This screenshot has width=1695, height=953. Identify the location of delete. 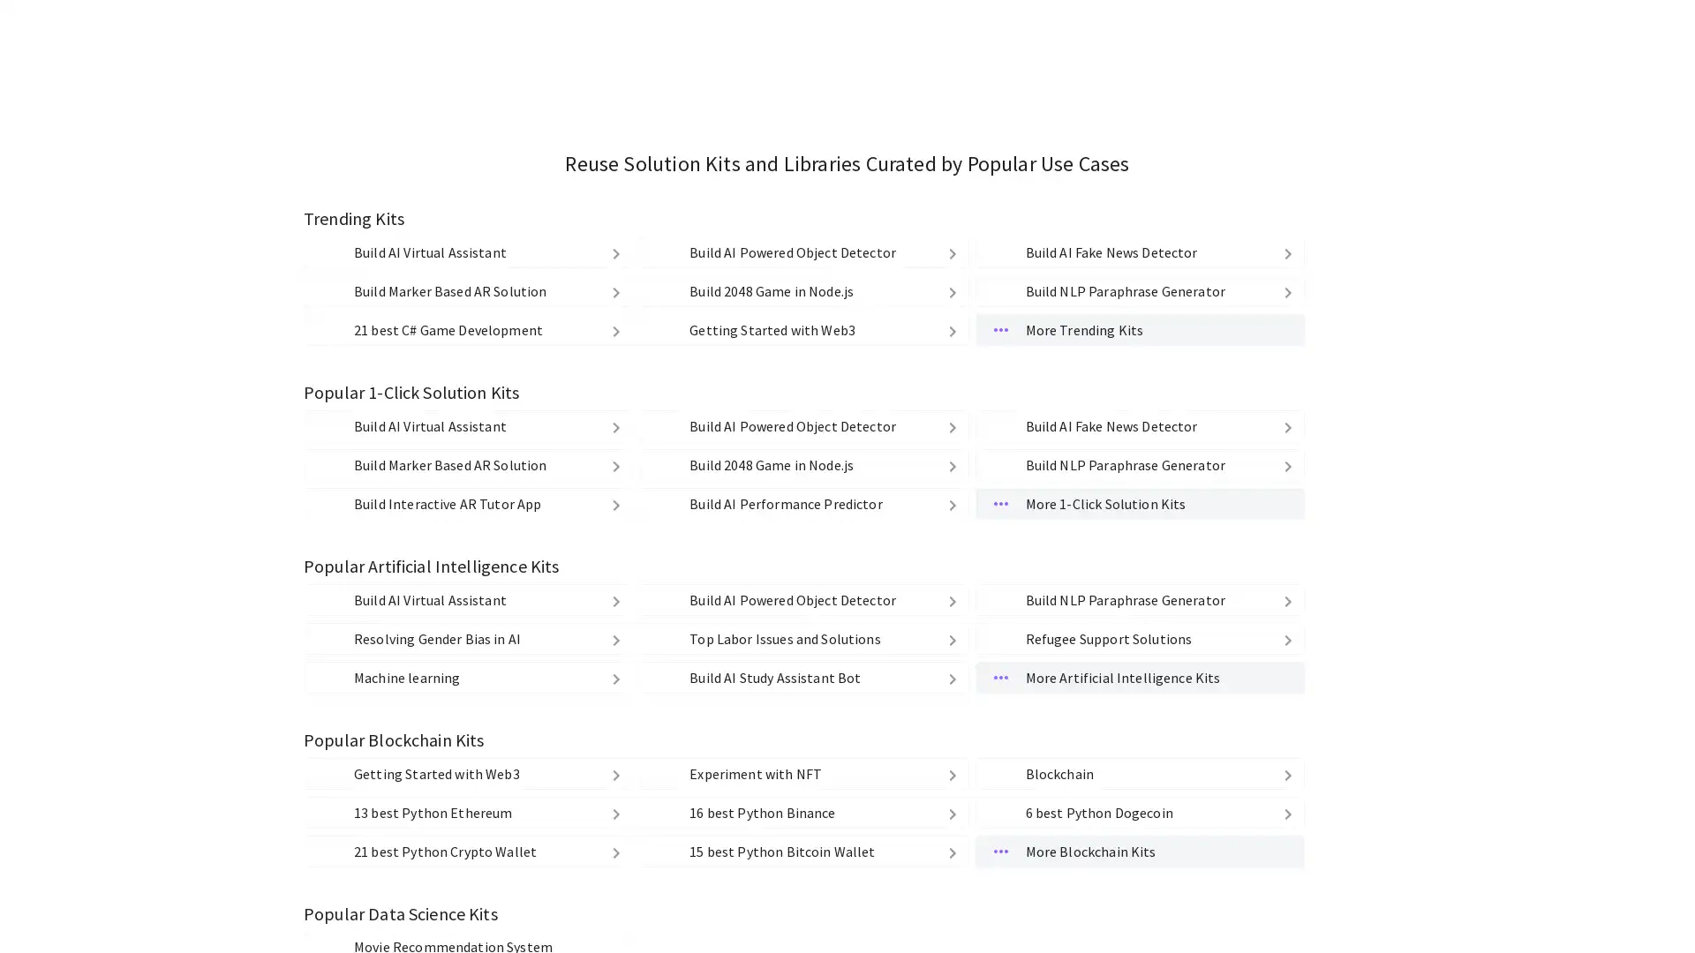
(927, 735).